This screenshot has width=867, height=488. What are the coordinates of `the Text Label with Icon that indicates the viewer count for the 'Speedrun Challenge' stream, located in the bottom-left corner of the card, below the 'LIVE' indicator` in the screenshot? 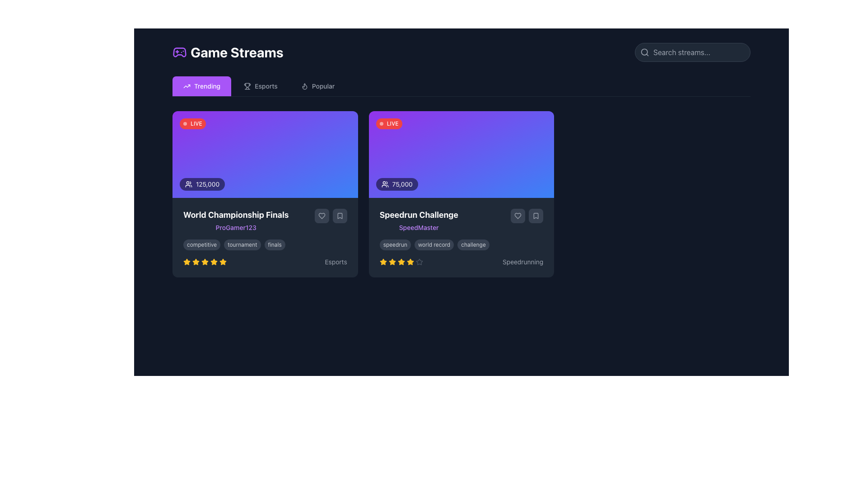 It's located at (397, 184).